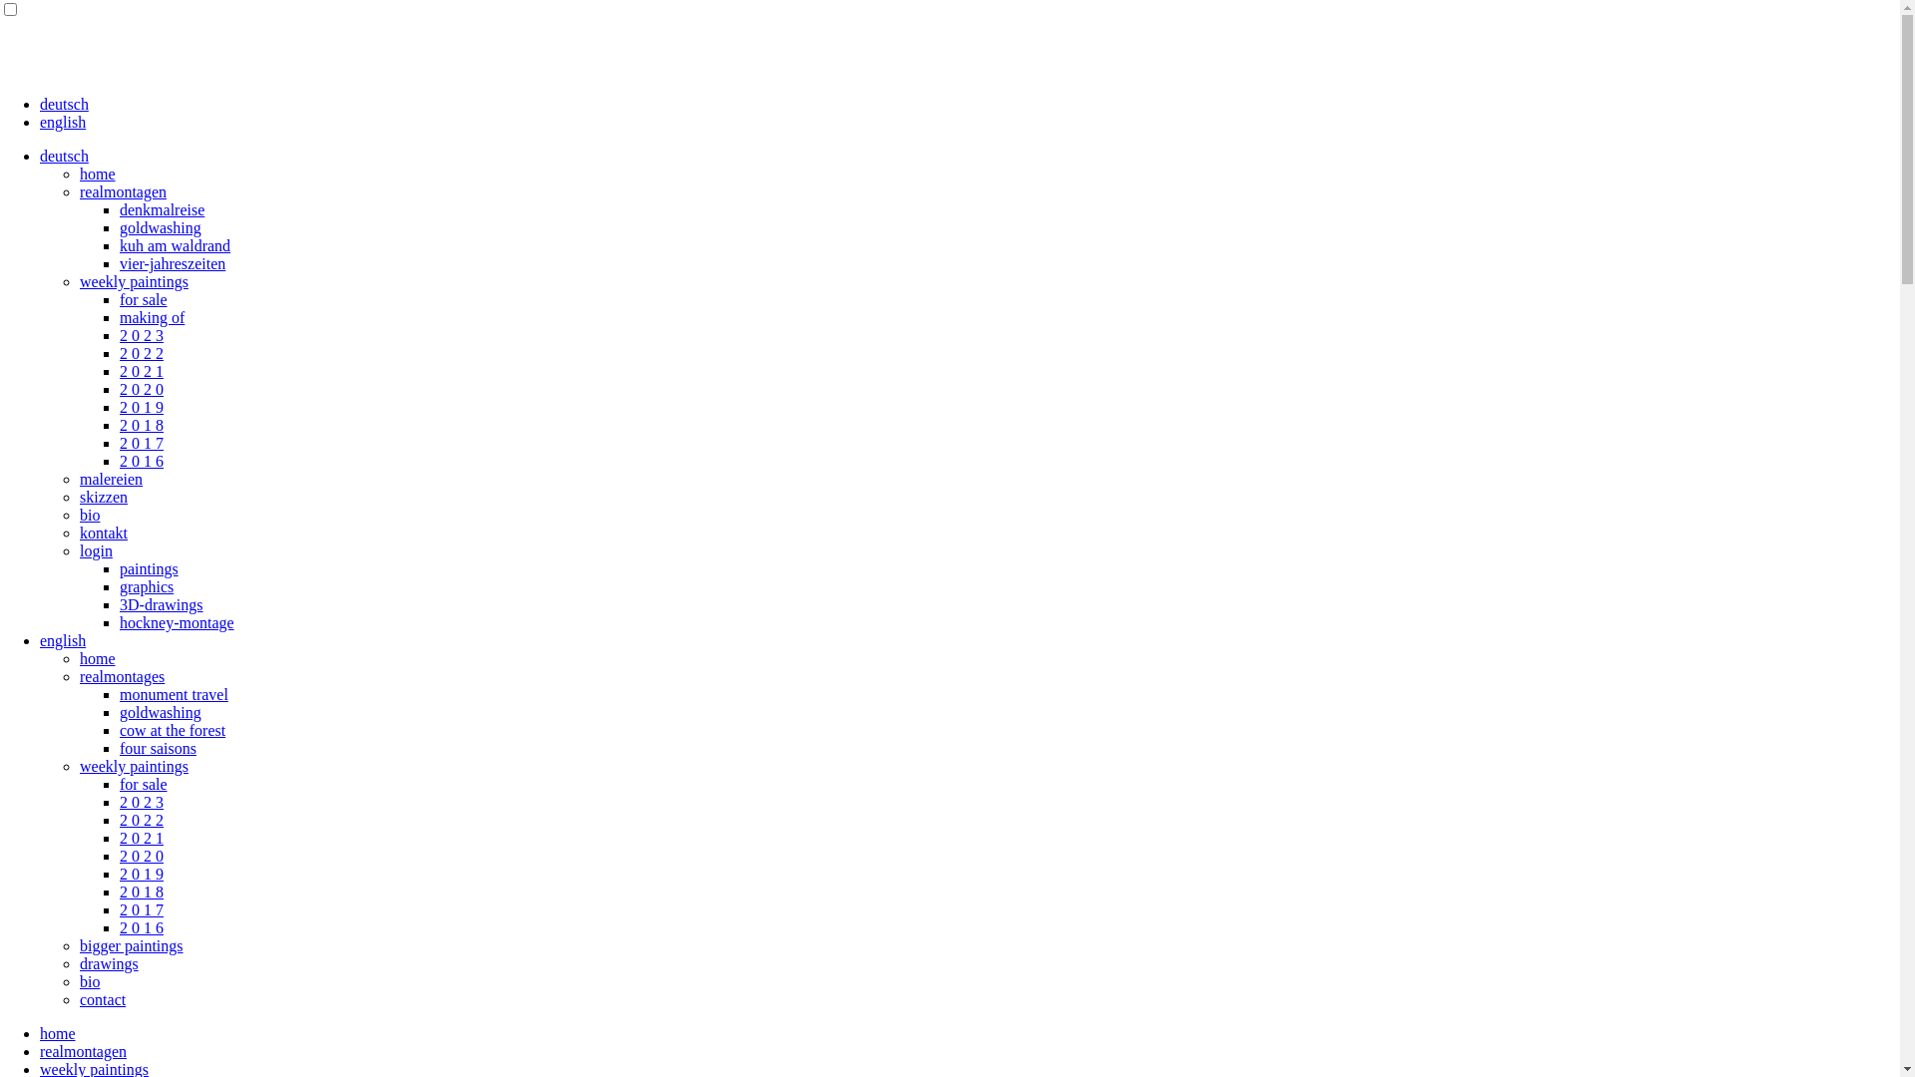 This screenshot has width=1915, height=1077. I want to click on 'denkmalreise', so click(162, 209).